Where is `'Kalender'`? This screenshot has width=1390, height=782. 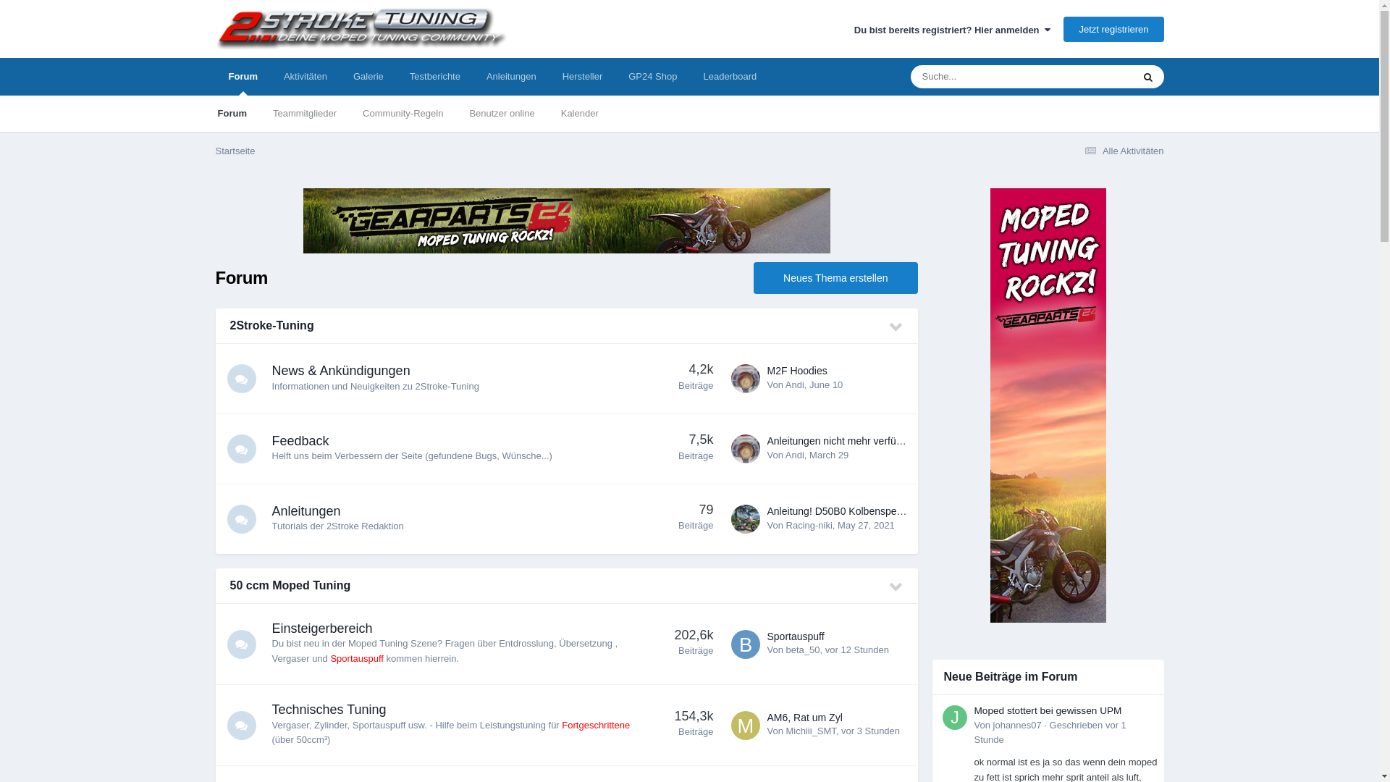 'Kalender' is located at coordinates (547, 113).